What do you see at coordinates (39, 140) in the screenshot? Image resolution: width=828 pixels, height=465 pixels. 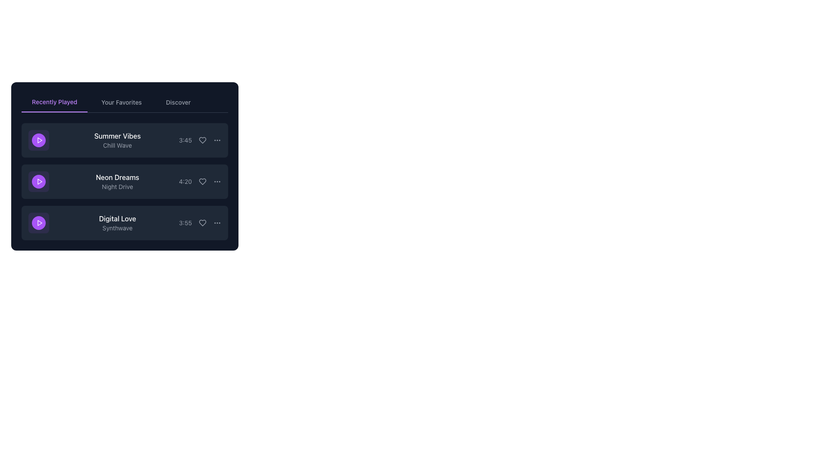 I see `the white triangle icon button resembling a play button, located within a purple circular background, to play the media track 'Summer Vibes' under the 'Recently Played' tab` at bounding box center [39, 140].